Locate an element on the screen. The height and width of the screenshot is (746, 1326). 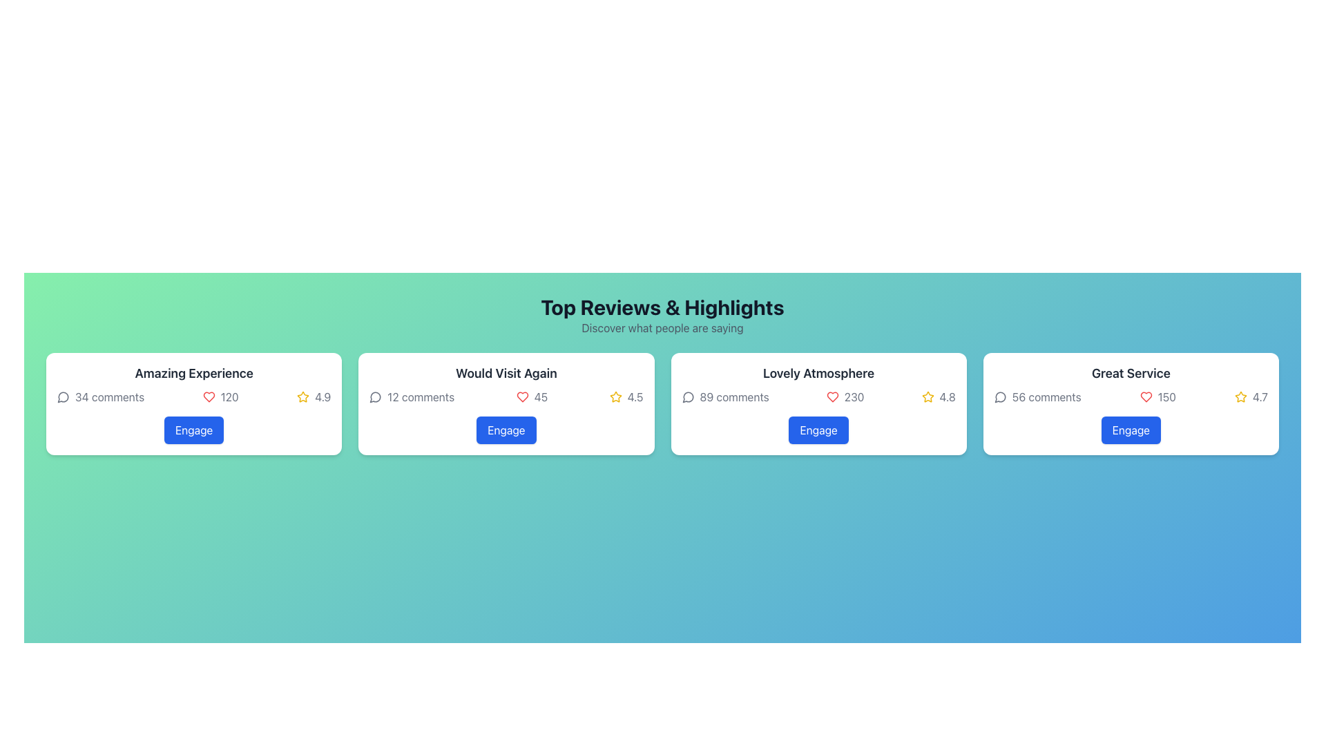
the speech bubble icon located in the third card from the left under 'Top Reviews & Highlights', adjacent to the text '89 comments' is located at coordinates (688, 396).